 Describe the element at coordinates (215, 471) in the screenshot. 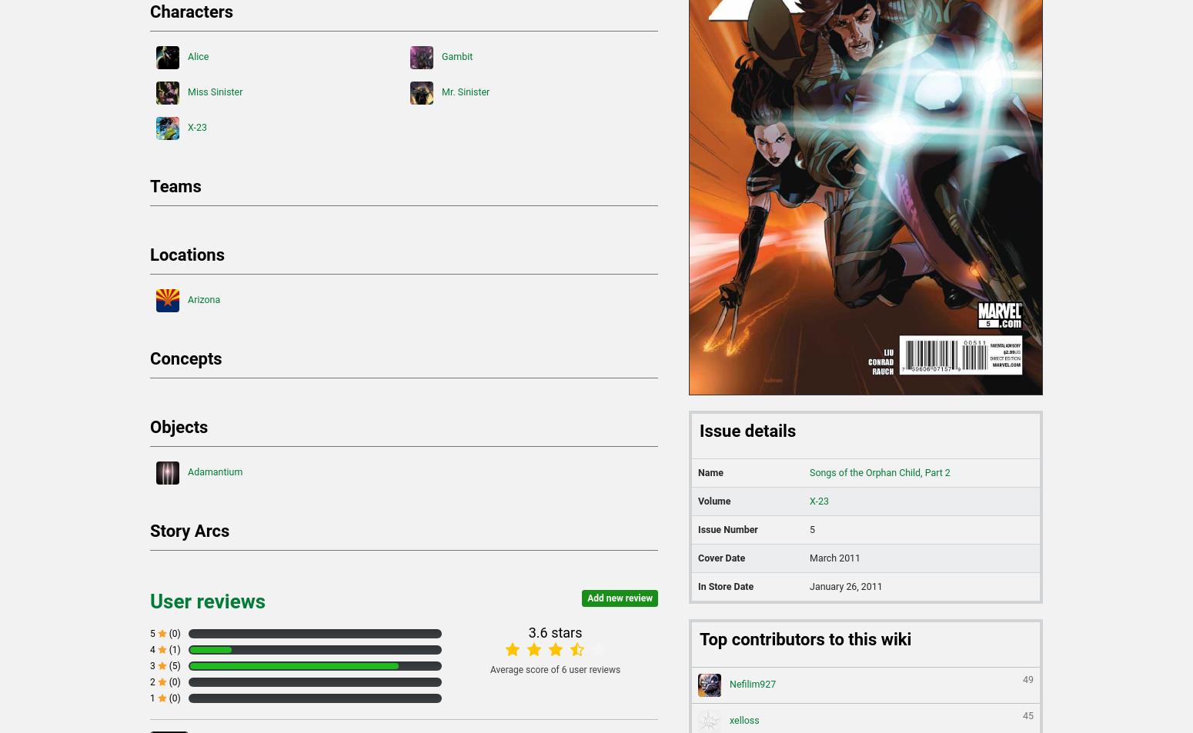

I see `'Adamantium'` at that location.